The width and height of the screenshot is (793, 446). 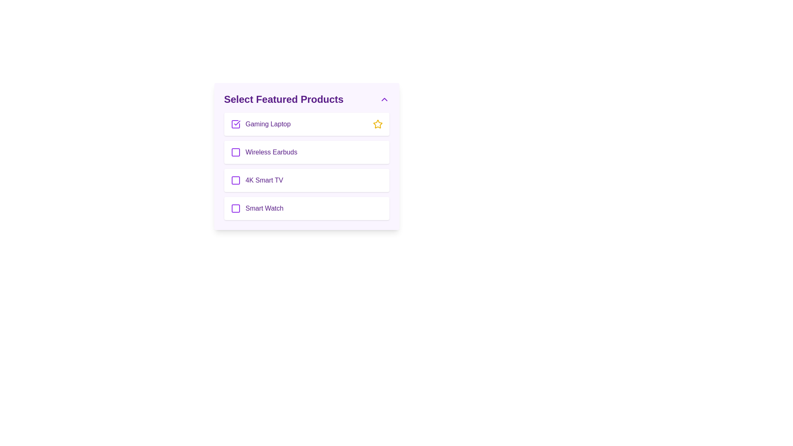 I want to click on the checkmark icon located at the top-right corner of the 'Gaming Laptop' card, indicating selection, so click(x=237, y=123).